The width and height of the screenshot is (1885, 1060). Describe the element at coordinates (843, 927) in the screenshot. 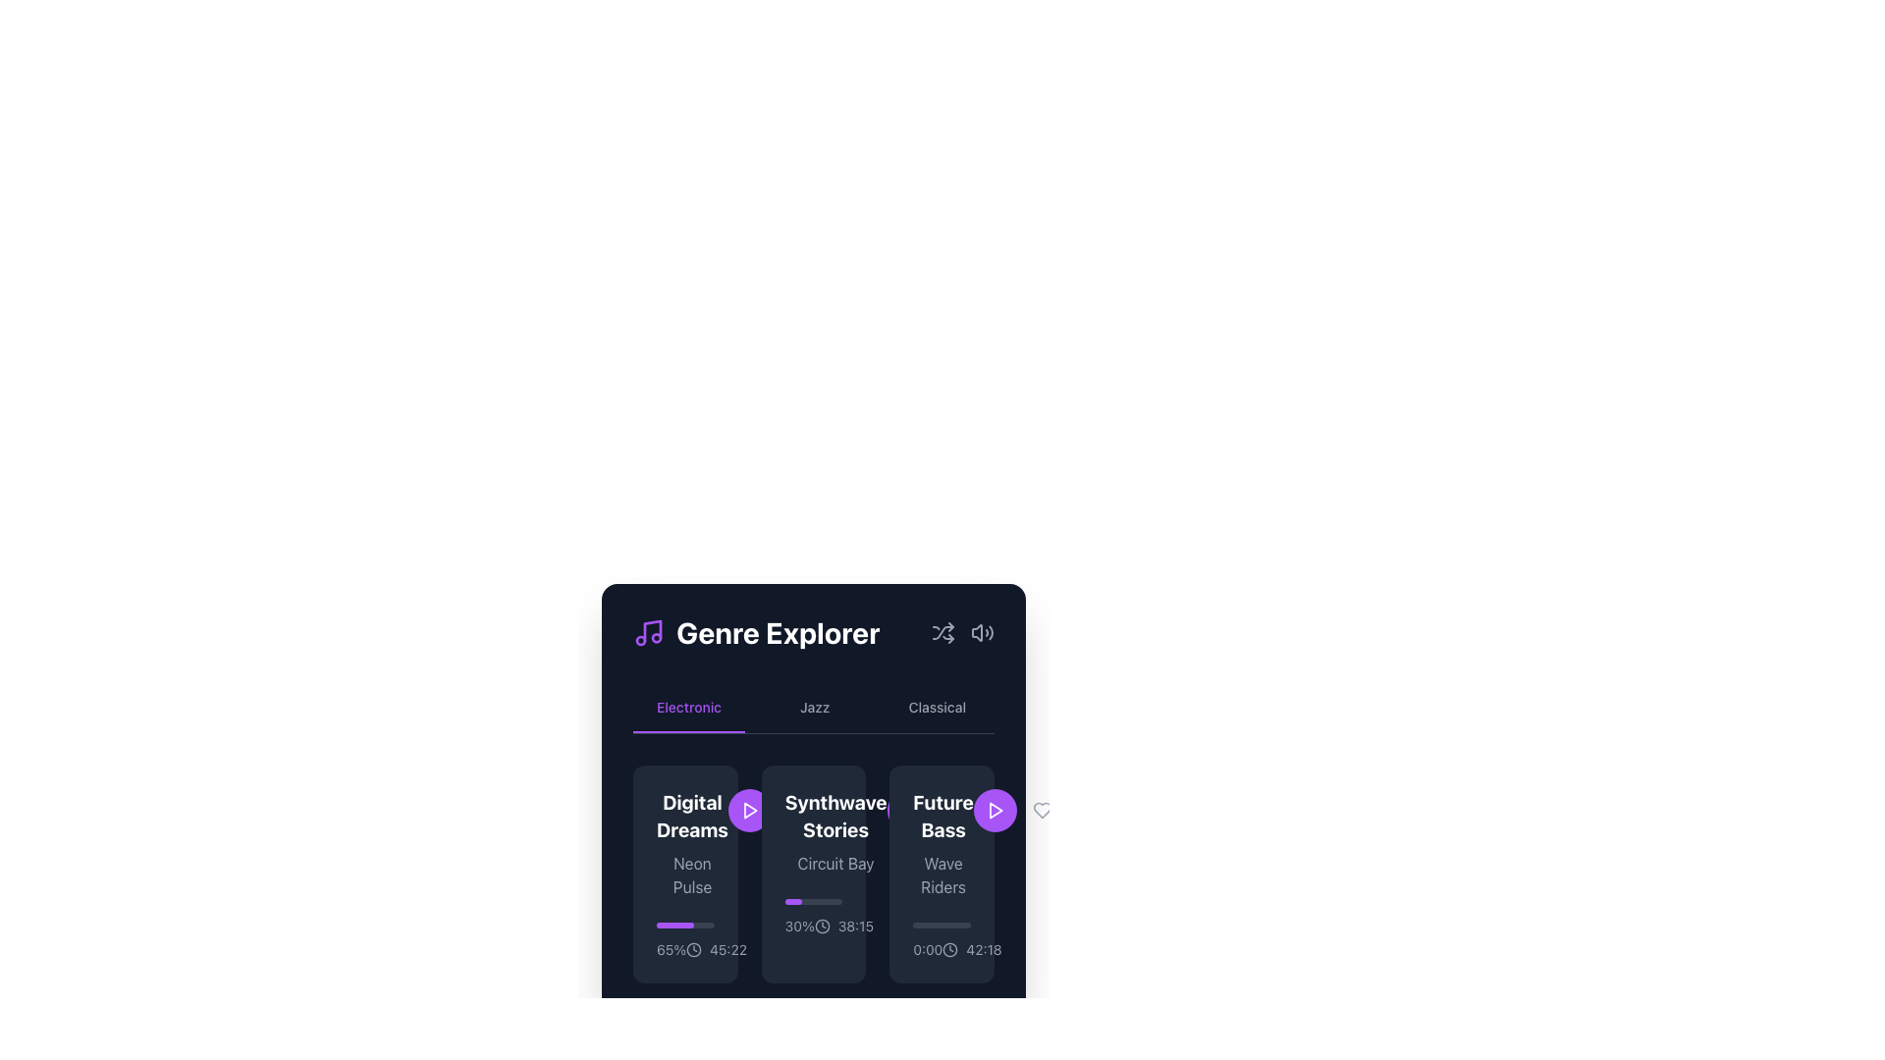

I see `the time duration element displaying '38:15' with an analog clock icon, located within the 'Synthwave Stories' card interface` at that location.